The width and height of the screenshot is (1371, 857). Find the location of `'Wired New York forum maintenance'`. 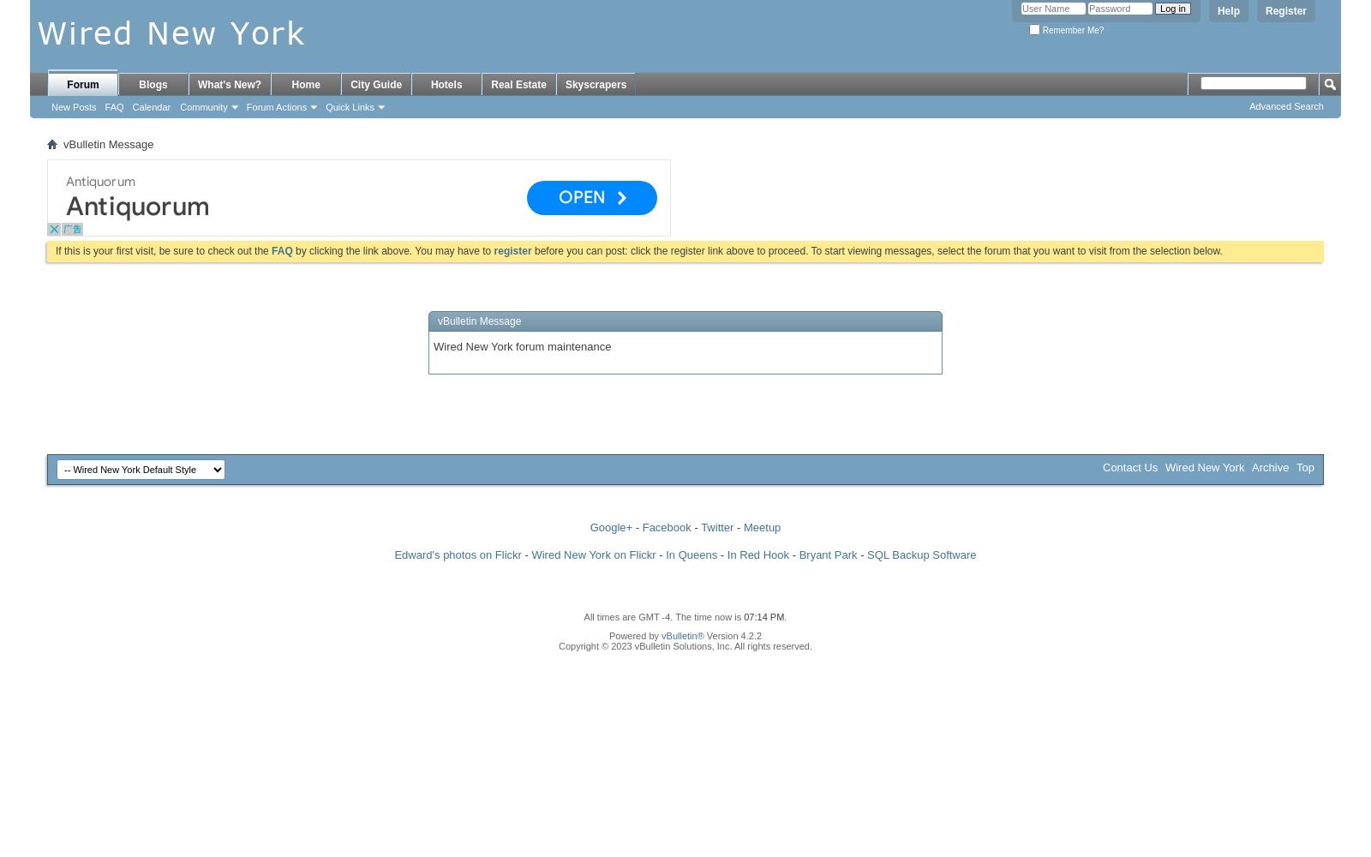

'Wired New York forum maintenance' is located at coordinates (522, 345).